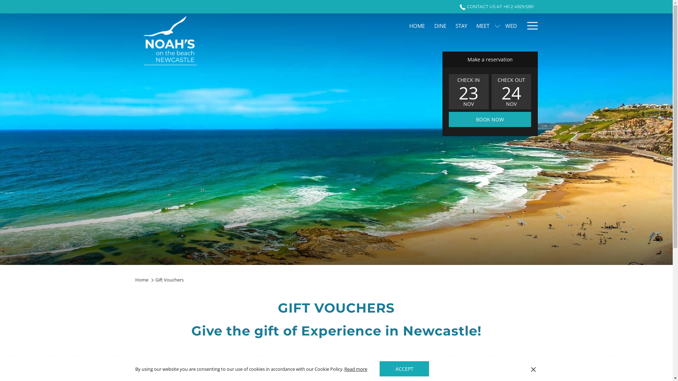 The image size is (678, 381). Describe the element at coordinates (169, 279) in the screenshot. I see `'Gift Vouchers'` at that location.